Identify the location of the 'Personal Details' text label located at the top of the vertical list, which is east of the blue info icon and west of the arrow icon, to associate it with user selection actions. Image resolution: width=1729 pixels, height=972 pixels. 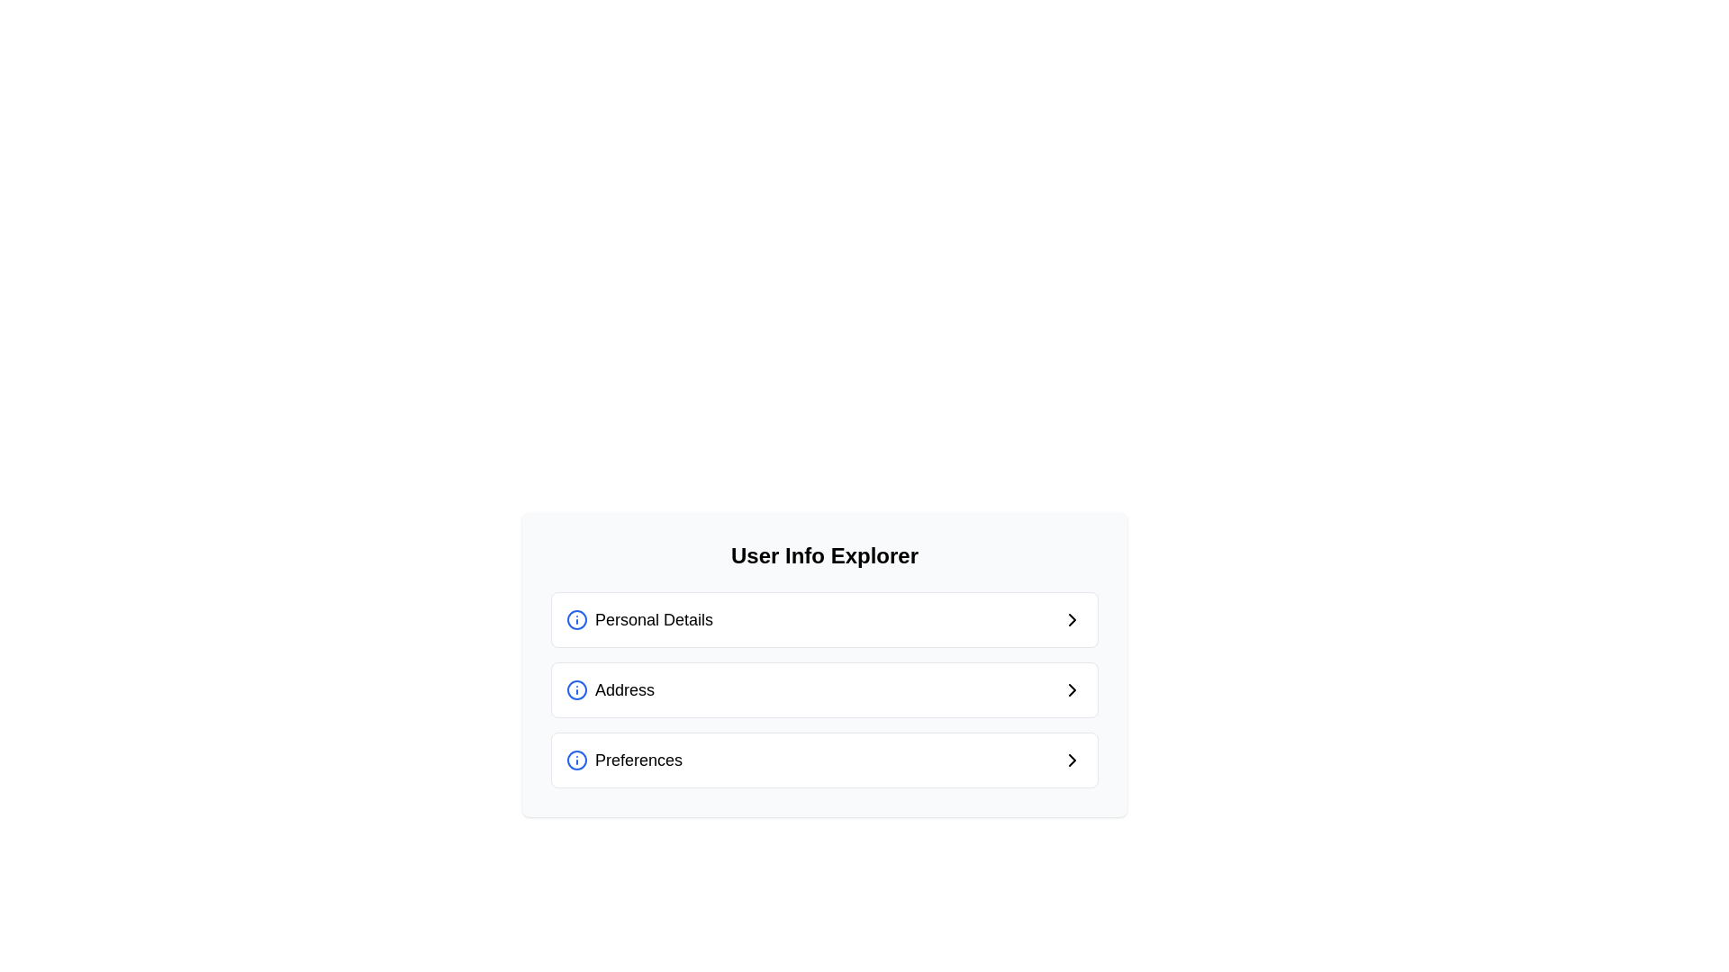
(653, 619).